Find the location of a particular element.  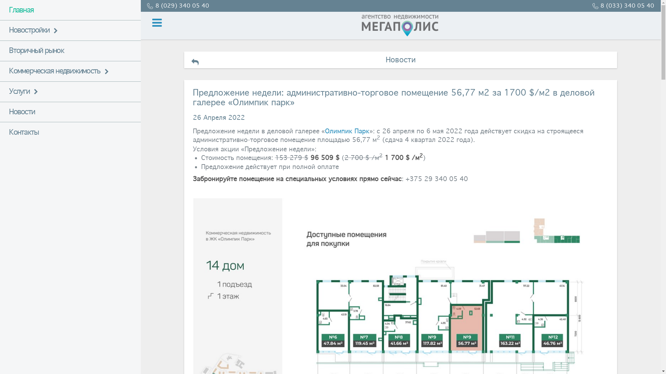

'Toggle' is located at coordinates (140, 23).